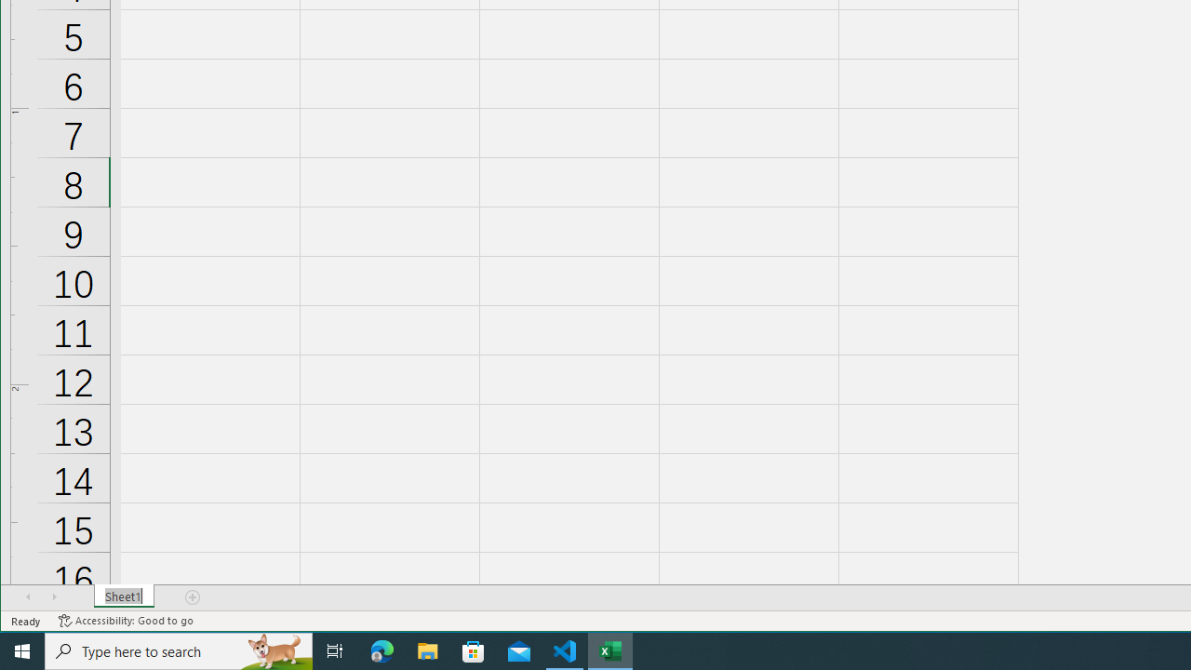 The image size is (1191, 670). What do you see at coordinates (123, 596) in the screenshot?
I see `'Sheet Tab'` at bounding box center [123, 596].